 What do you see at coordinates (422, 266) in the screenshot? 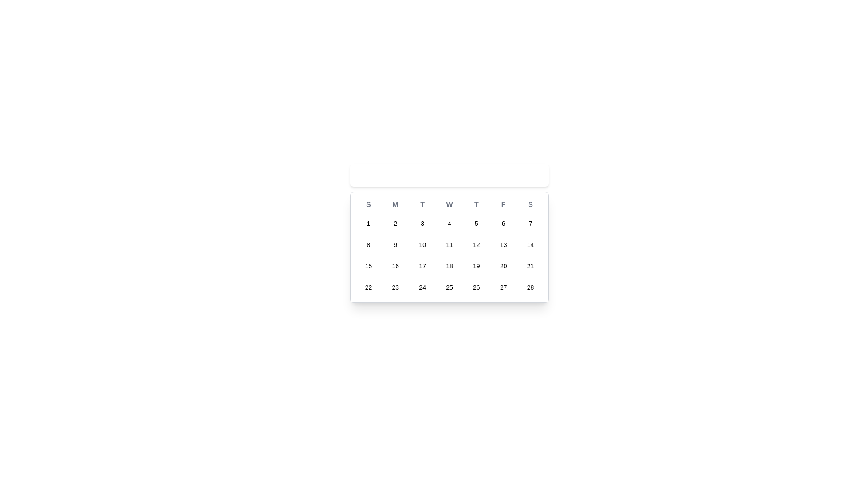
I see `the selectable date '17' in the fourth row and third column of the calendar grid` at bounding box center [422, 266].